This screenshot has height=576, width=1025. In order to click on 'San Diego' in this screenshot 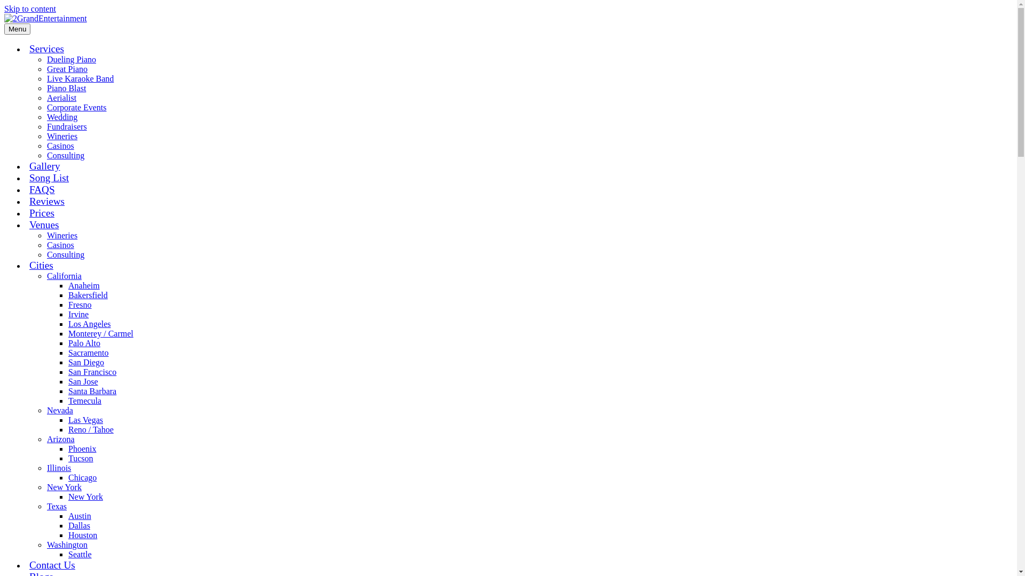, I will do `click(86, 362)`.